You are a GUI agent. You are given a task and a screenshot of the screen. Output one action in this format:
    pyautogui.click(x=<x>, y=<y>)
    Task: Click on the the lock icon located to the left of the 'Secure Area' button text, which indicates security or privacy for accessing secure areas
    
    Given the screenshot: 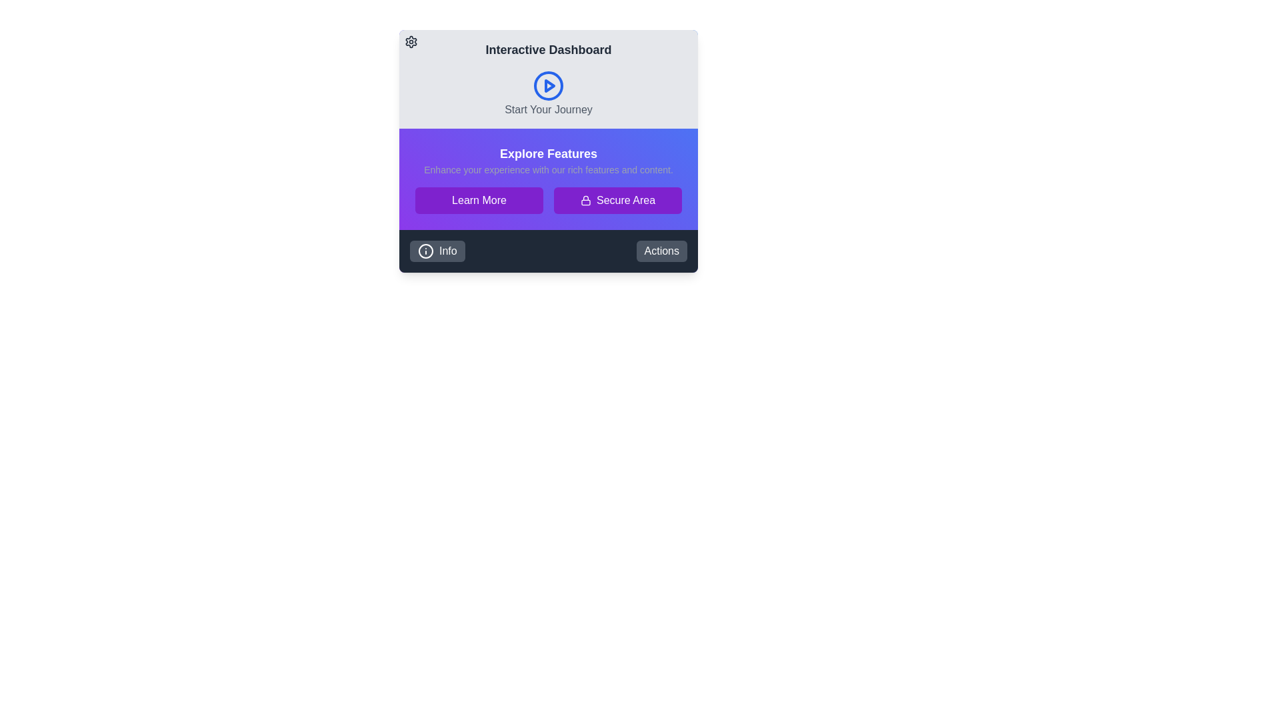 What is the action you would take?
    pyautogui.click(x=585, y=200)
    